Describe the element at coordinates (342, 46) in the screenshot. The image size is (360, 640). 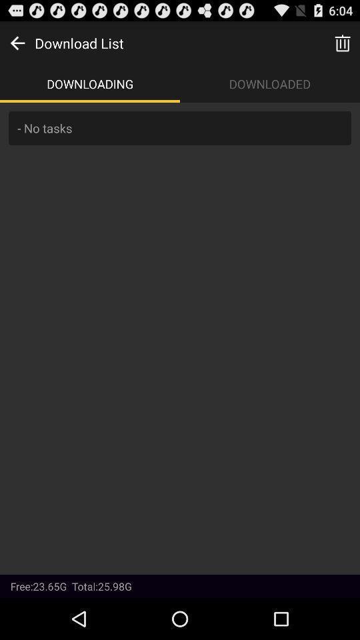
I see `the delete icon` at that location.